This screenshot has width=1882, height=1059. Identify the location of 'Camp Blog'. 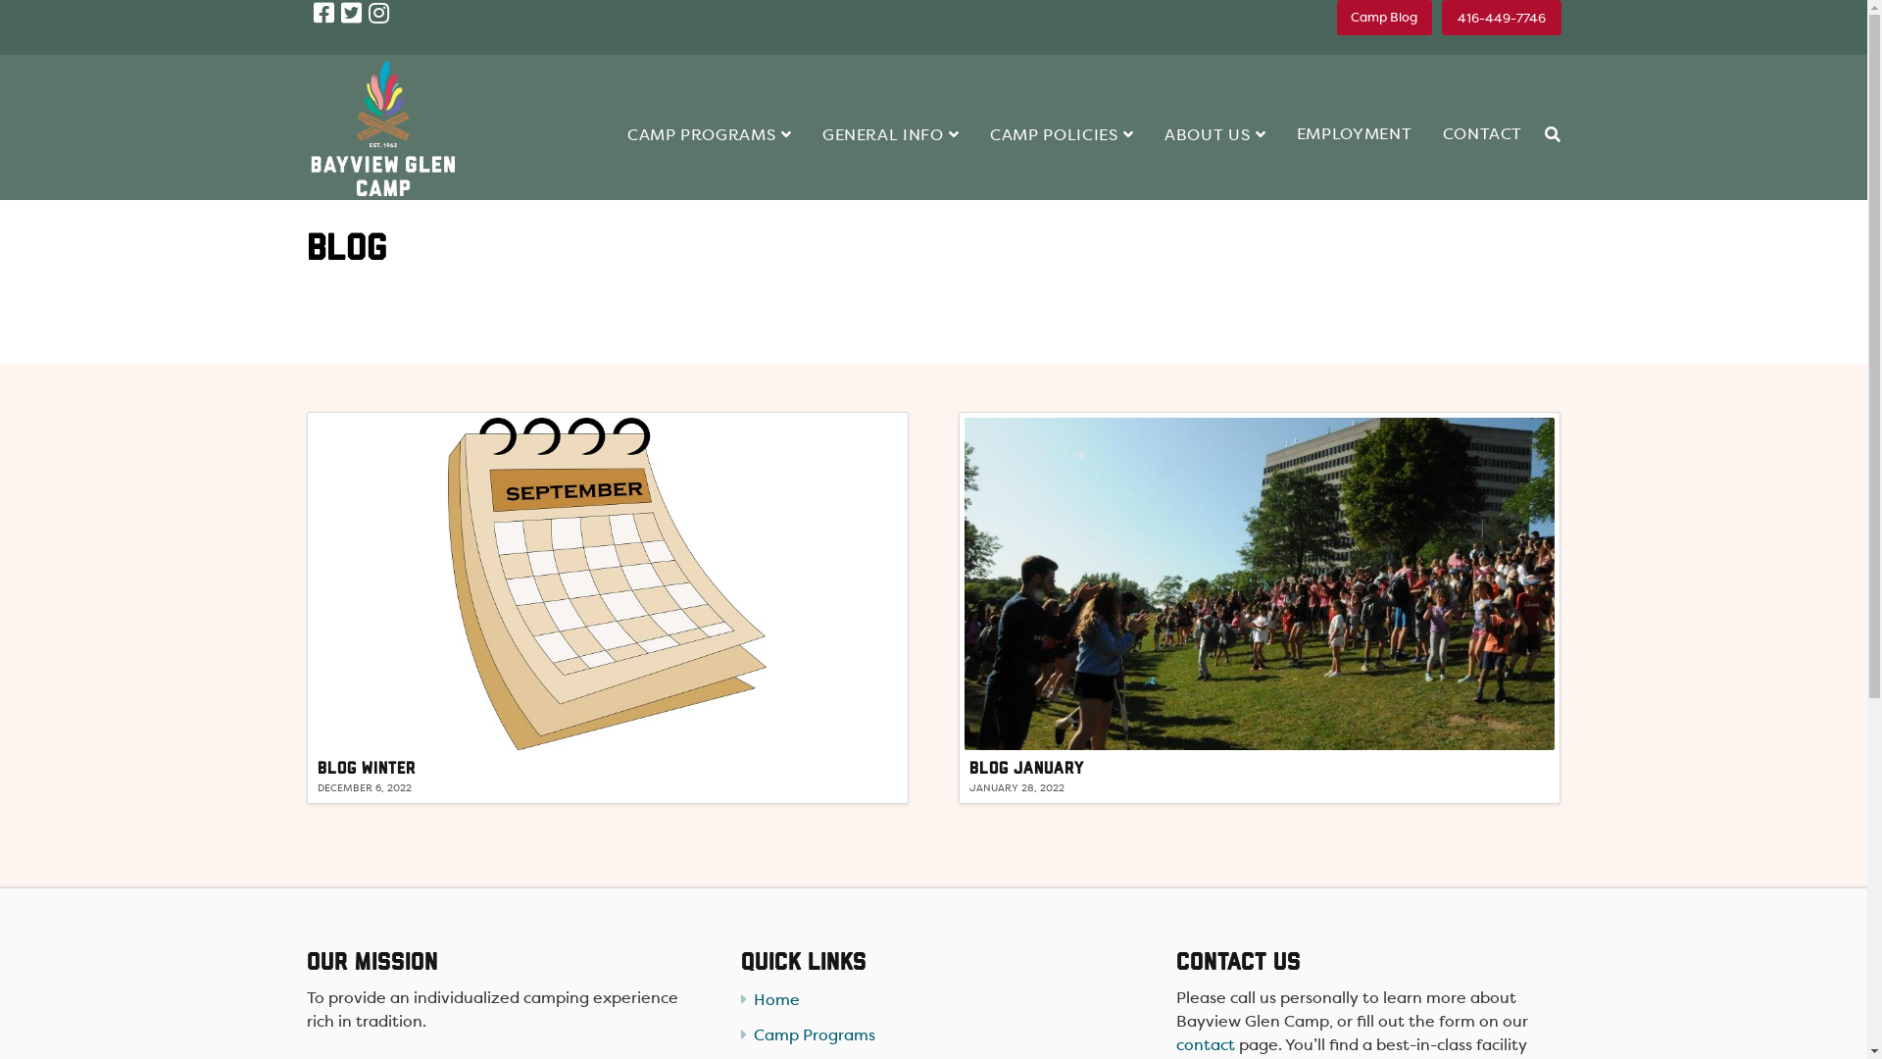
(1383, 18).